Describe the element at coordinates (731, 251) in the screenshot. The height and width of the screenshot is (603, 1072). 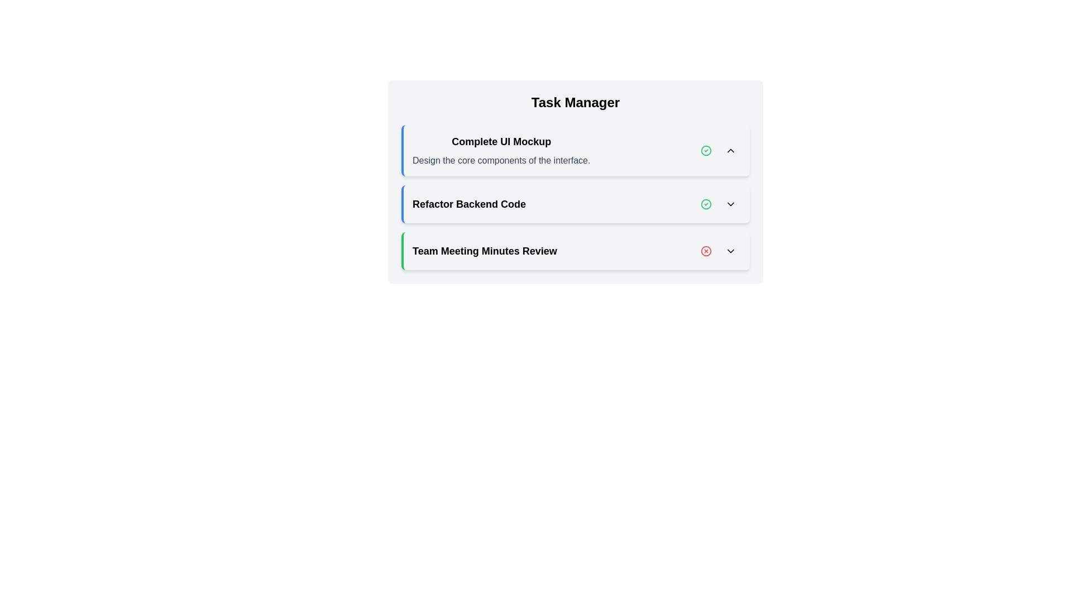
I see `the chevron-down icon located inside the button at the far right of the 'Team Meeting Minutes Review' list entry` at that location.